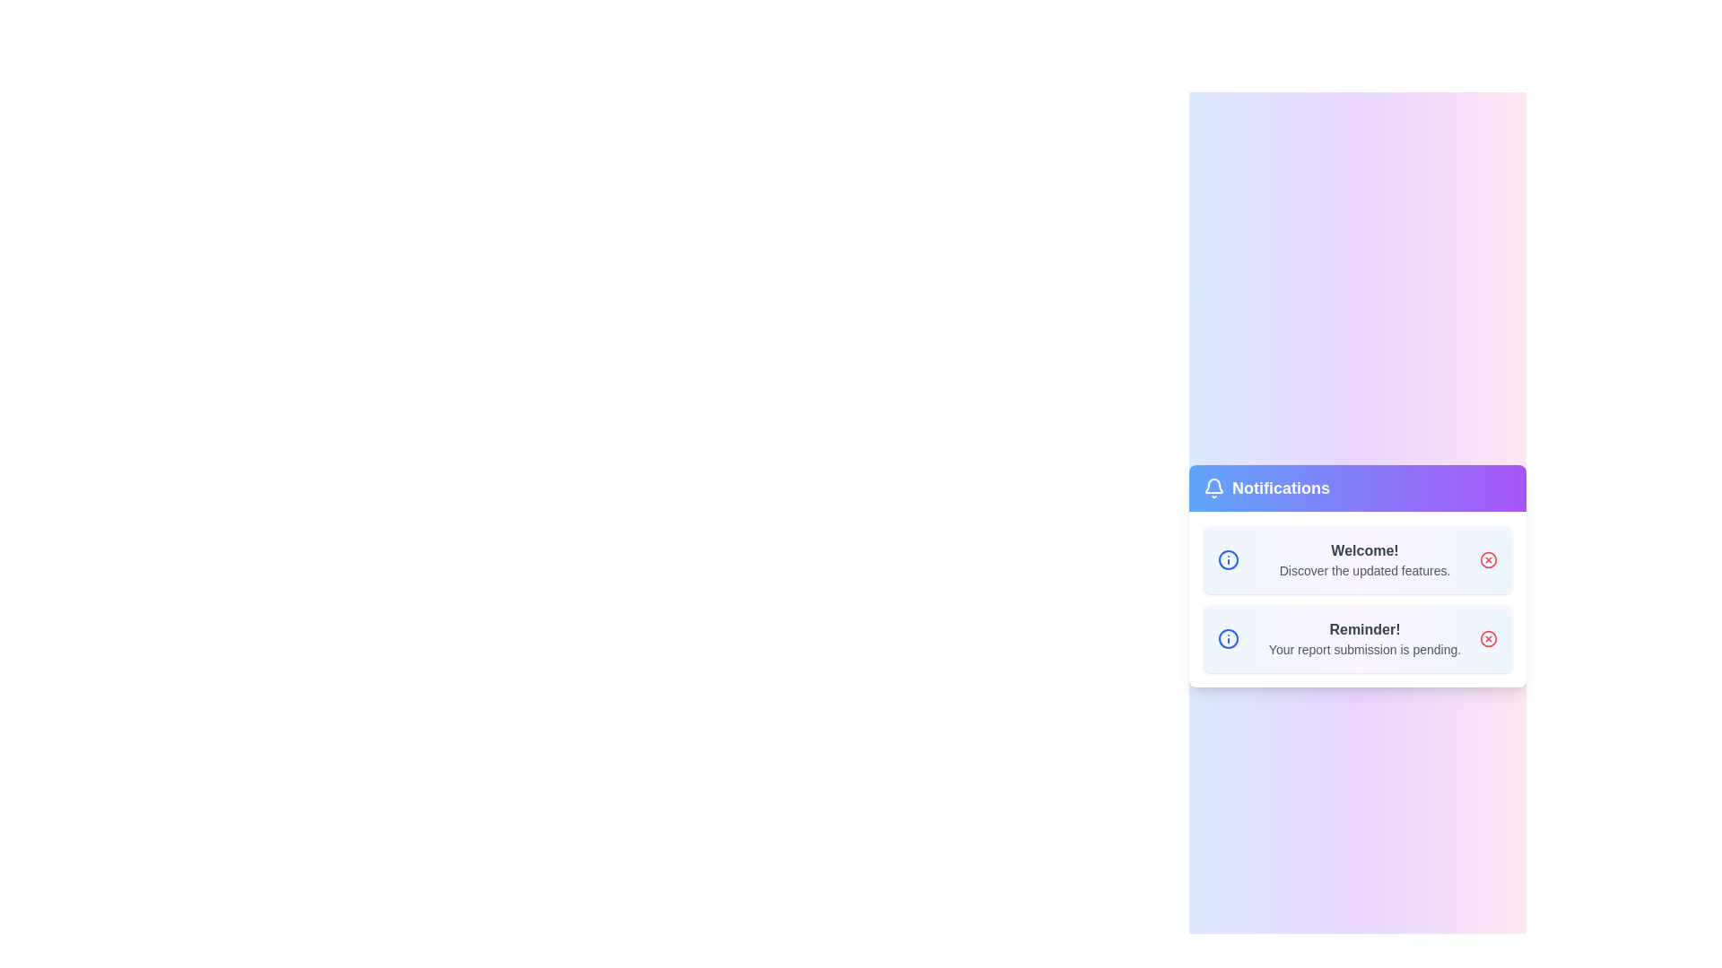 The height and width of the screenshot is (968, 1722). I want to click on the 'Notifications' text label which is styled with a large and bold font against a gradient purple background, located to the right of a bell icon, so click(1280, 488).